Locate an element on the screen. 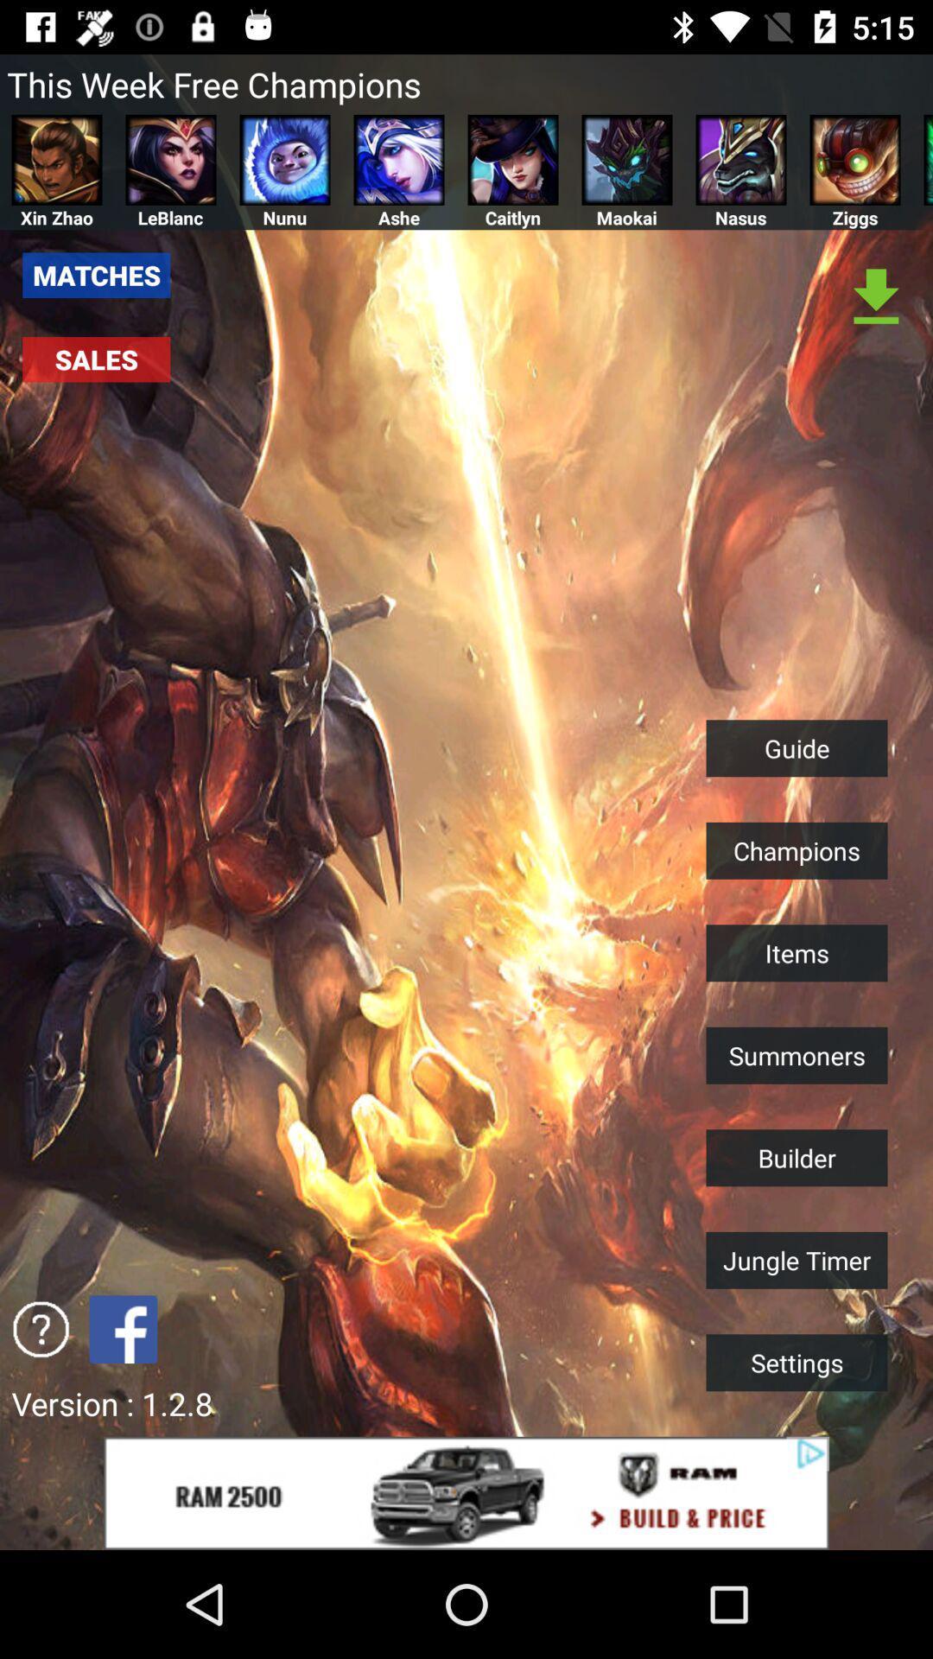 The image size is (933, 1659). click the add is located at coordinates (466, 1492).